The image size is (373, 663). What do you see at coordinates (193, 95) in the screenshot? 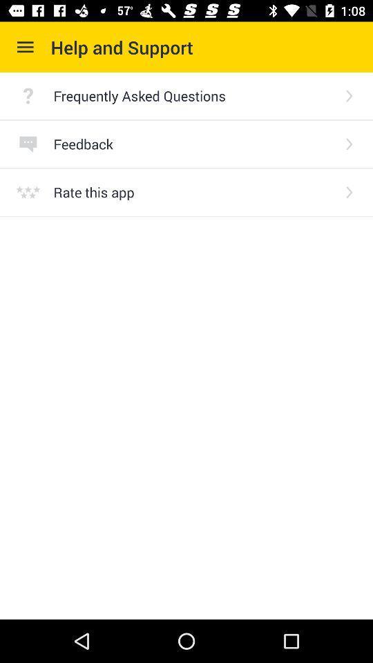
I see `the frequently asked questions` at bounding box center [193, 95].